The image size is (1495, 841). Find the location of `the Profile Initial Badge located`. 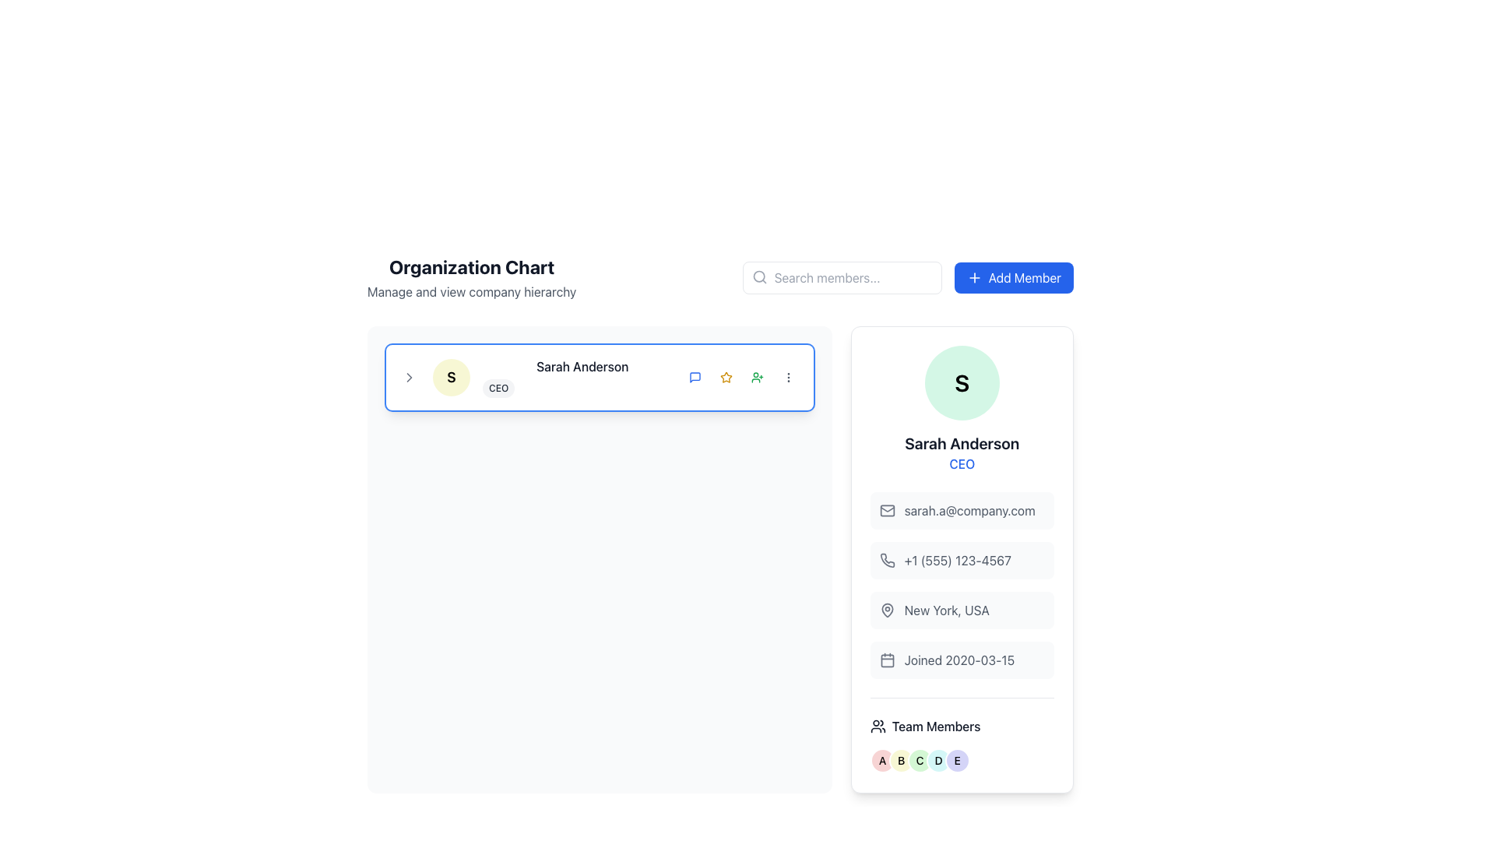

the Profile Initial Badge located is located at coordinates (451, 378).